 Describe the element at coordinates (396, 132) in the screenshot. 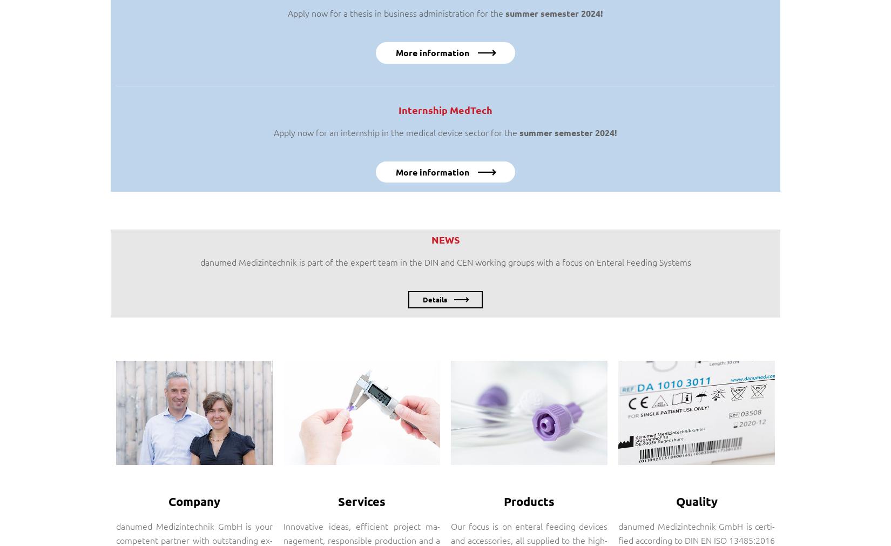

I see `'Apply now for an internship in the medical device sector for the'` at that location.